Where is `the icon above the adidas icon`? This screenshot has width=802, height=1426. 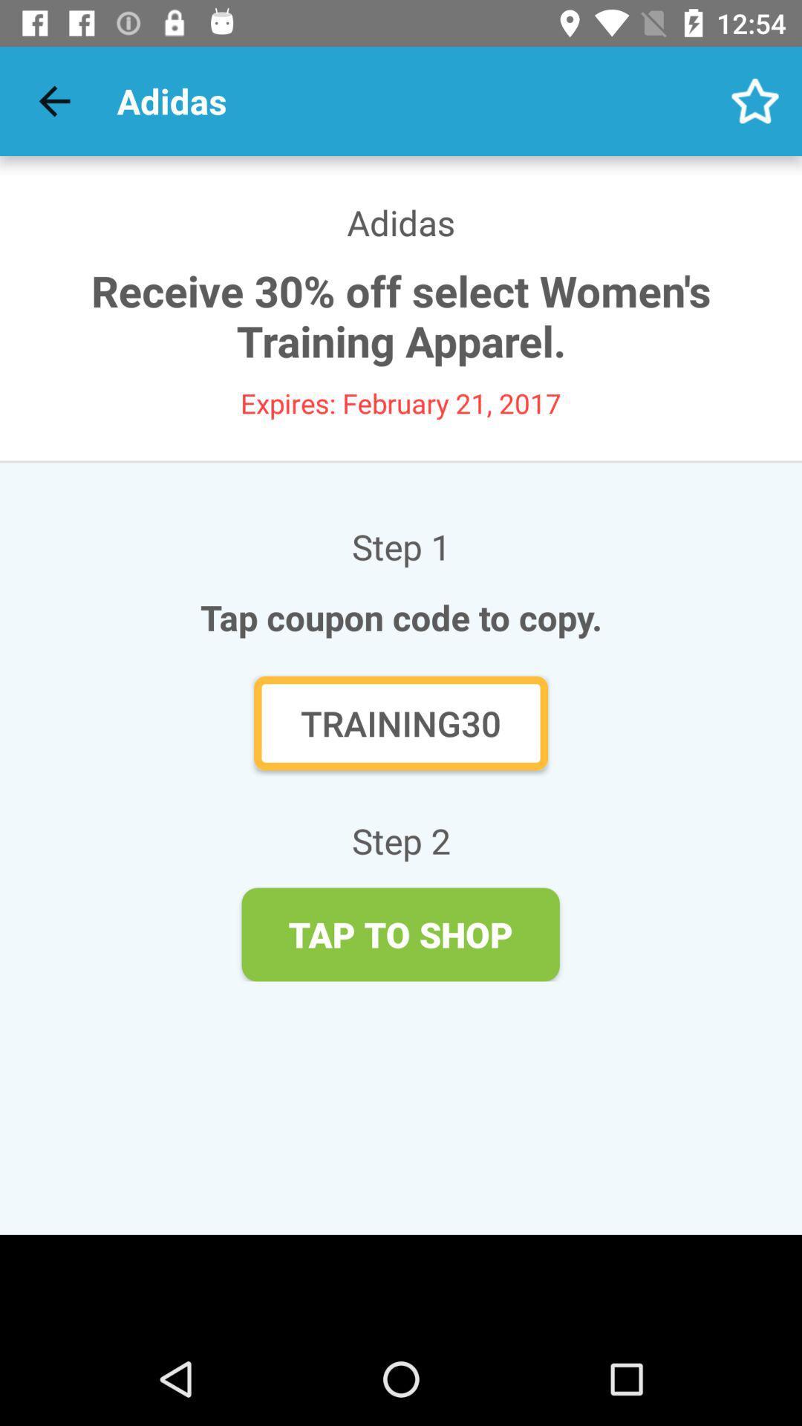
the icon above the adidas icon is located at coordinates (53, 100).